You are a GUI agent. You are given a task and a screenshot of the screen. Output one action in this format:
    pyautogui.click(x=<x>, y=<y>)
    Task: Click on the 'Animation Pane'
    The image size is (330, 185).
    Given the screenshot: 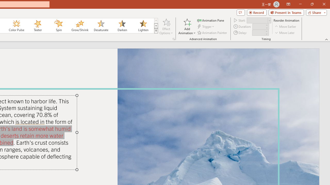 What is the action you would take?
    pyautogui.click(x=211, y=20)
    